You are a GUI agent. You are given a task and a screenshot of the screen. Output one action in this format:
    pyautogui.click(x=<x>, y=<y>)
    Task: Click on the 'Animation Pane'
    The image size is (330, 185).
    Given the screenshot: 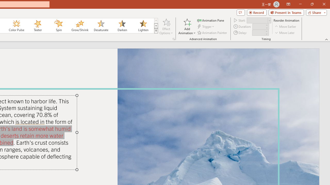 What is the action you would take?
    pyautogui.click(x=211, y=20)
    